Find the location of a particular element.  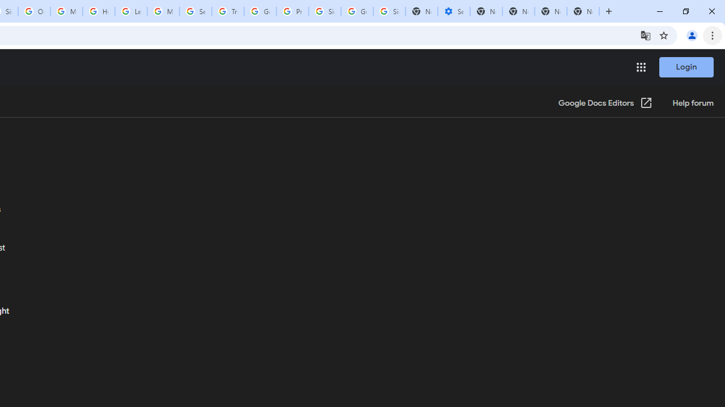

'Sign in - Google Accounts' is located at coordinates (324, 11).